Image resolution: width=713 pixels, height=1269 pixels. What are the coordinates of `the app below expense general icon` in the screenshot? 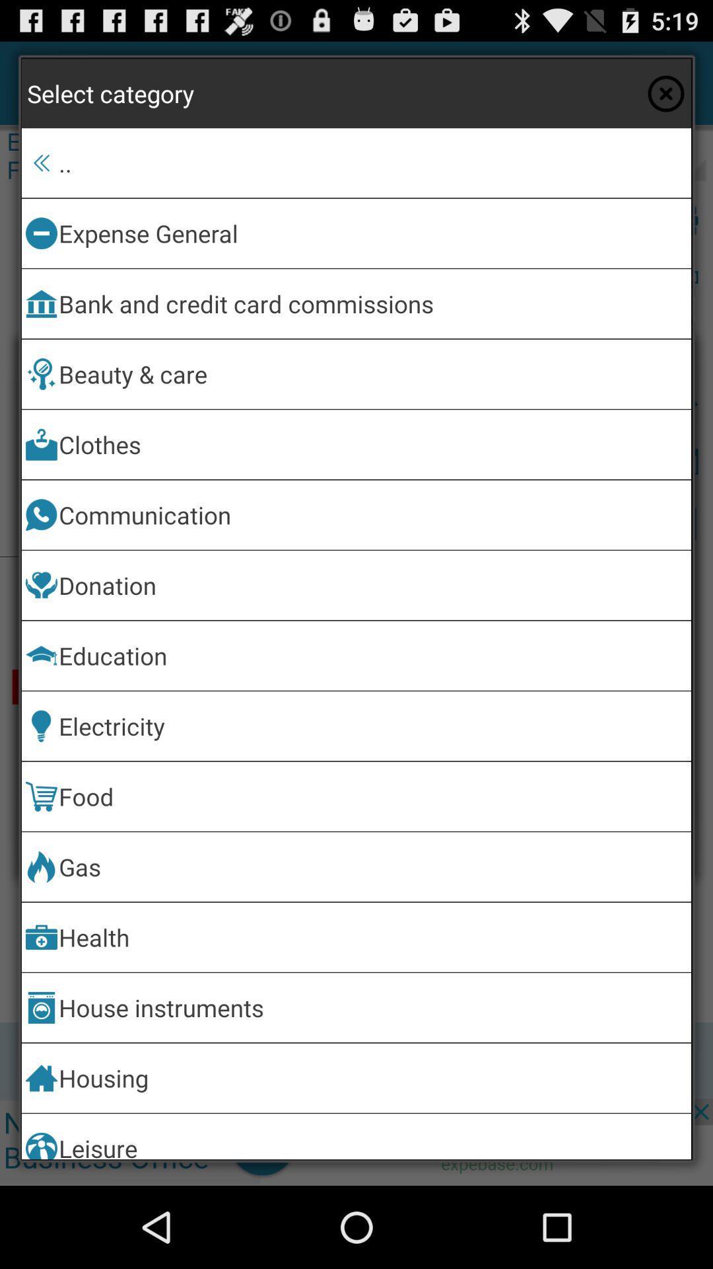 It's located at (372, 303).